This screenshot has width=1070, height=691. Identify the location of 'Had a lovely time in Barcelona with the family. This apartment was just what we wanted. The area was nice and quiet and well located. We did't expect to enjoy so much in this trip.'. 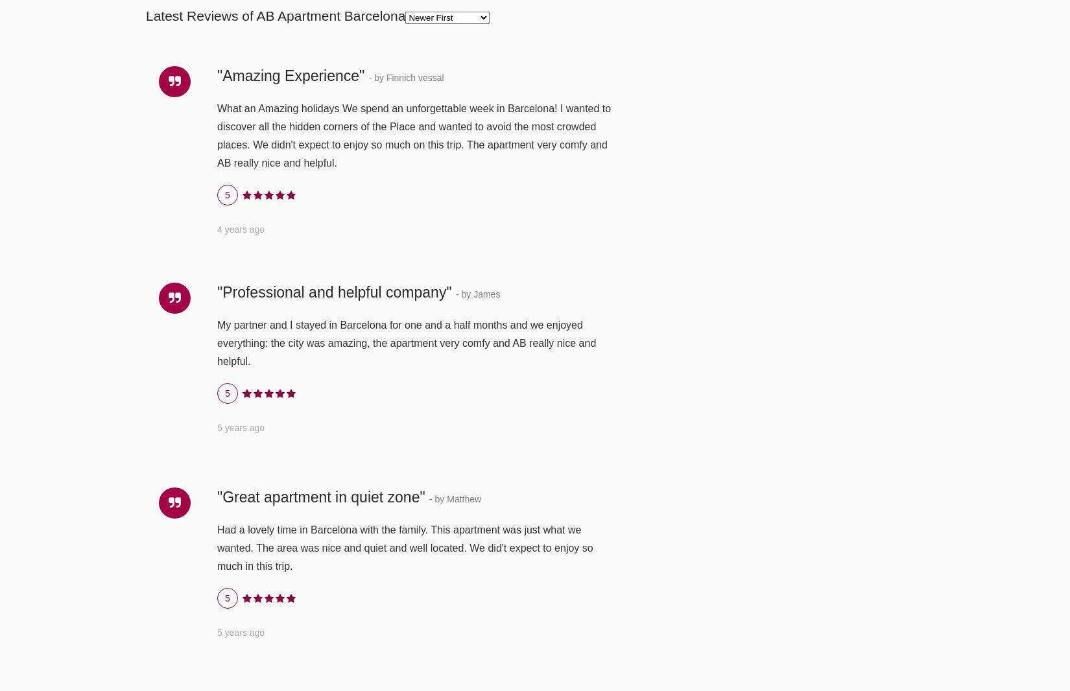
(404, 547).